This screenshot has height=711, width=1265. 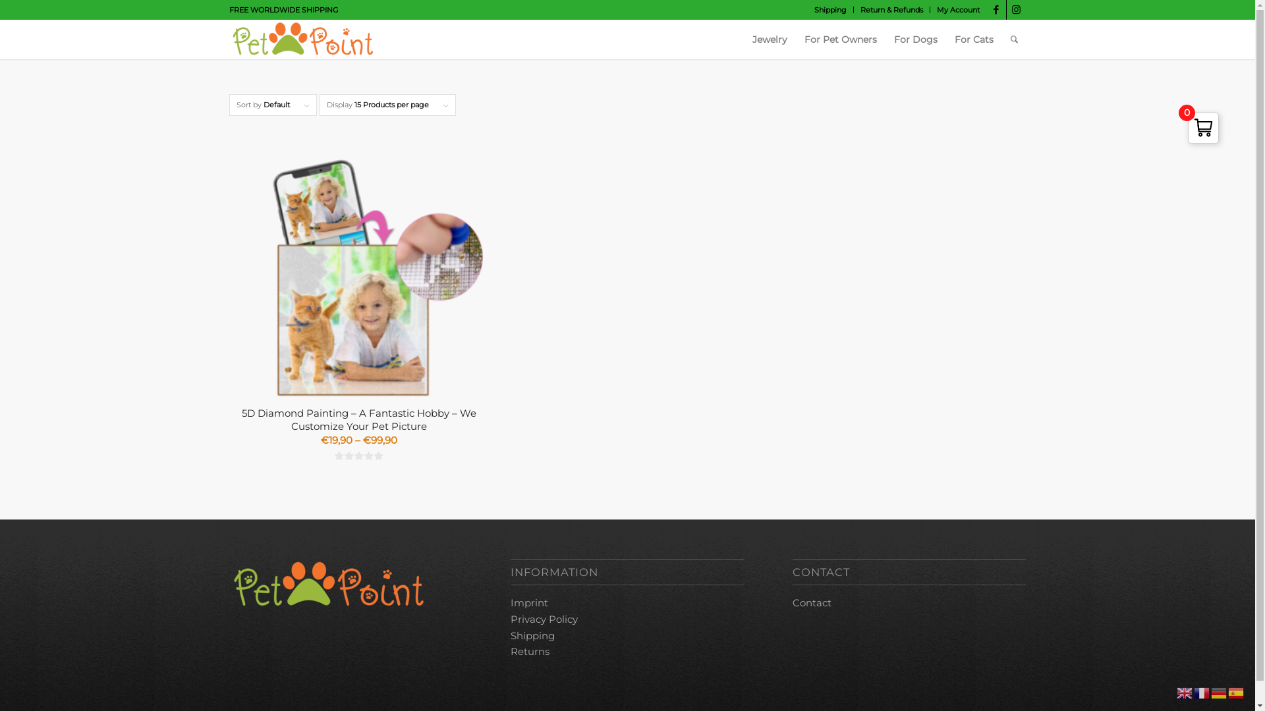 What do you see at coordinates (1227, 691) in the screenshot?
I see `'Spanish'` at bounding box center [1227, 691].